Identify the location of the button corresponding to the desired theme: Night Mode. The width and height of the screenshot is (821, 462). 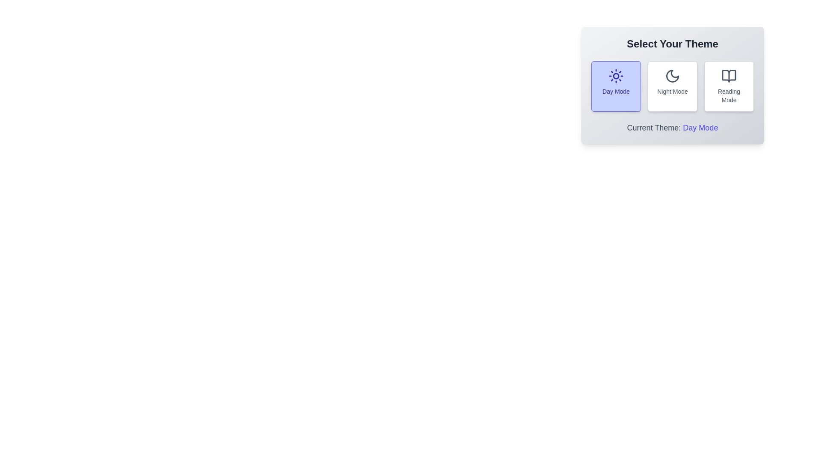
(672, 86).